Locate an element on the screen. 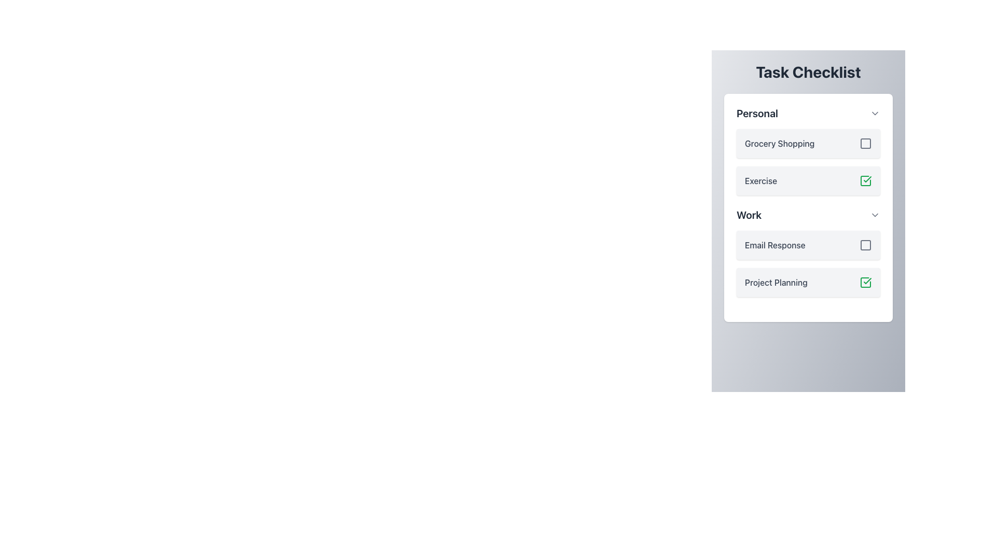 This screenshot has height=560, width=996. the dropdown toggle icon at the right end of the 'Personal' section title is located at coordinates (874, 114).